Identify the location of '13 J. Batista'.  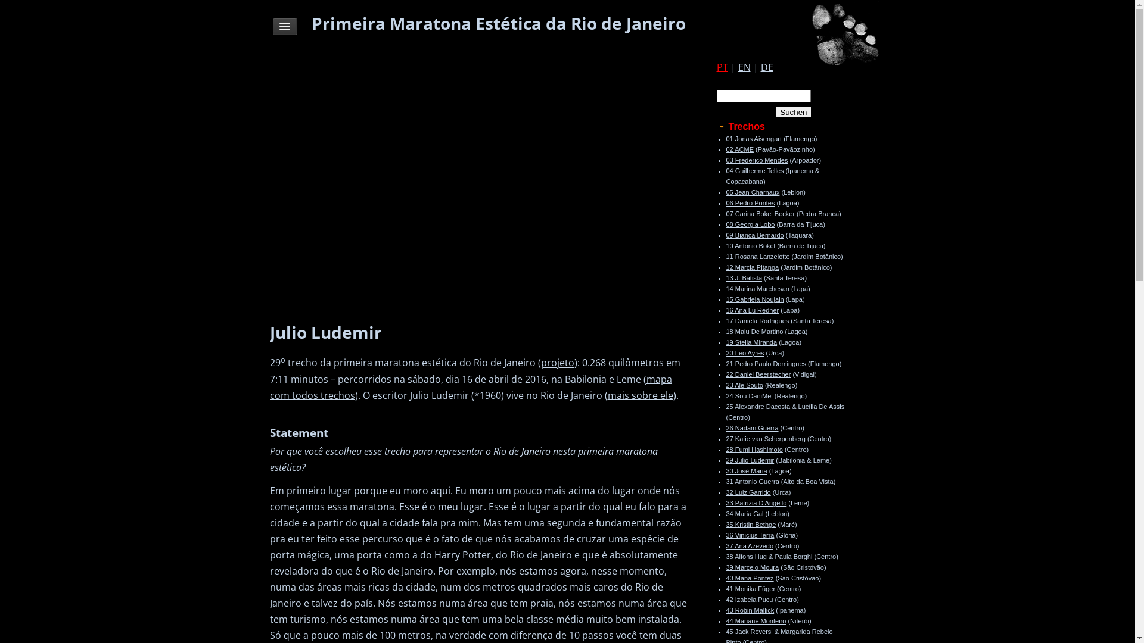
(743, 277).